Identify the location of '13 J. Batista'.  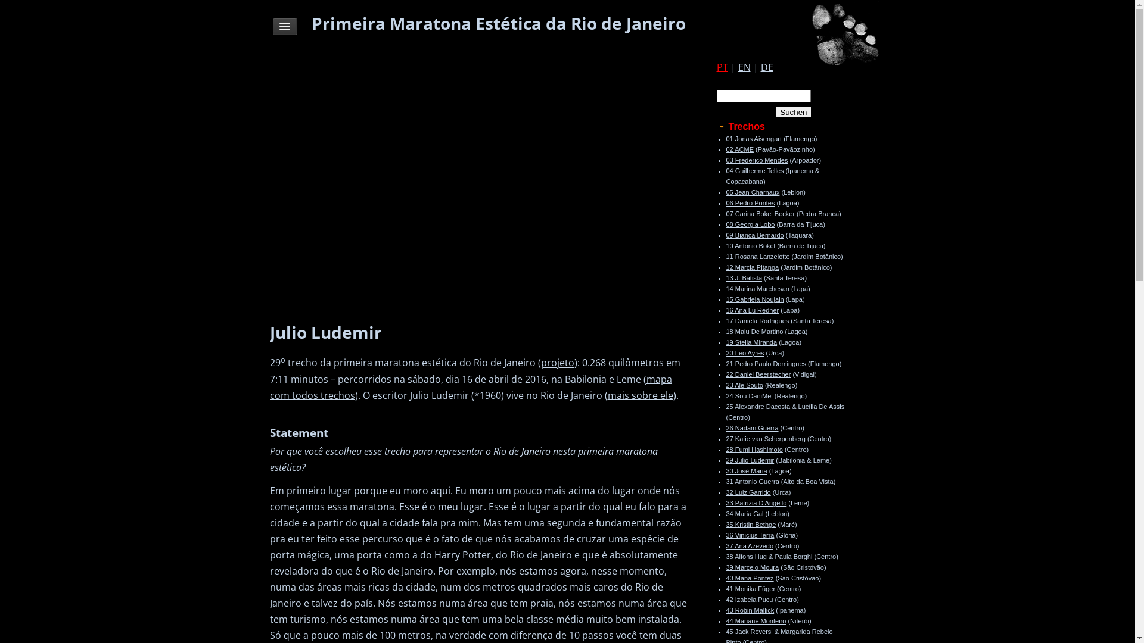
(743, 277).